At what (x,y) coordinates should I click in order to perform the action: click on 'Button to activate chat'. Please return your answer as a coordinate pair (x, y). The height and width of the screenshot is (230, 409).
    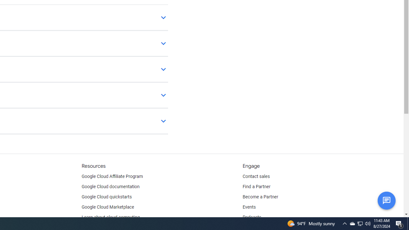
    Looking at the image, I should click on (386, 200).